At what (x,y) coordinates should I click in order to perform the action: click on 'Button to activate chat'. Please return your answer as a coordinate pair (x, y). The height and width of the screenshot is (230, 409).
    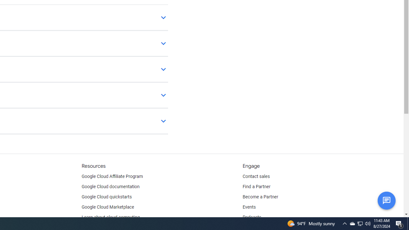
    Looking at the image, I should click on (386, 200).